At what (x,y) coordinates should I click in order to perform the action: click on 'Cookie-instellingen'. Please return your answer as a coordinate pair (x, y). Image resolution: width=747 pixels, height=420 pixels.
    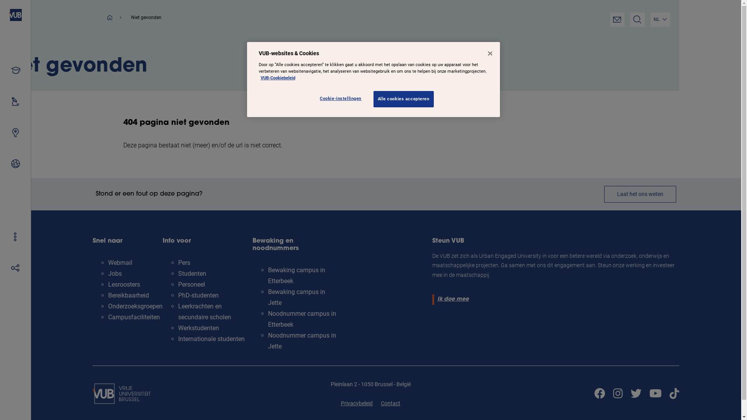
    Looking at the image, I should click on (342, 98).